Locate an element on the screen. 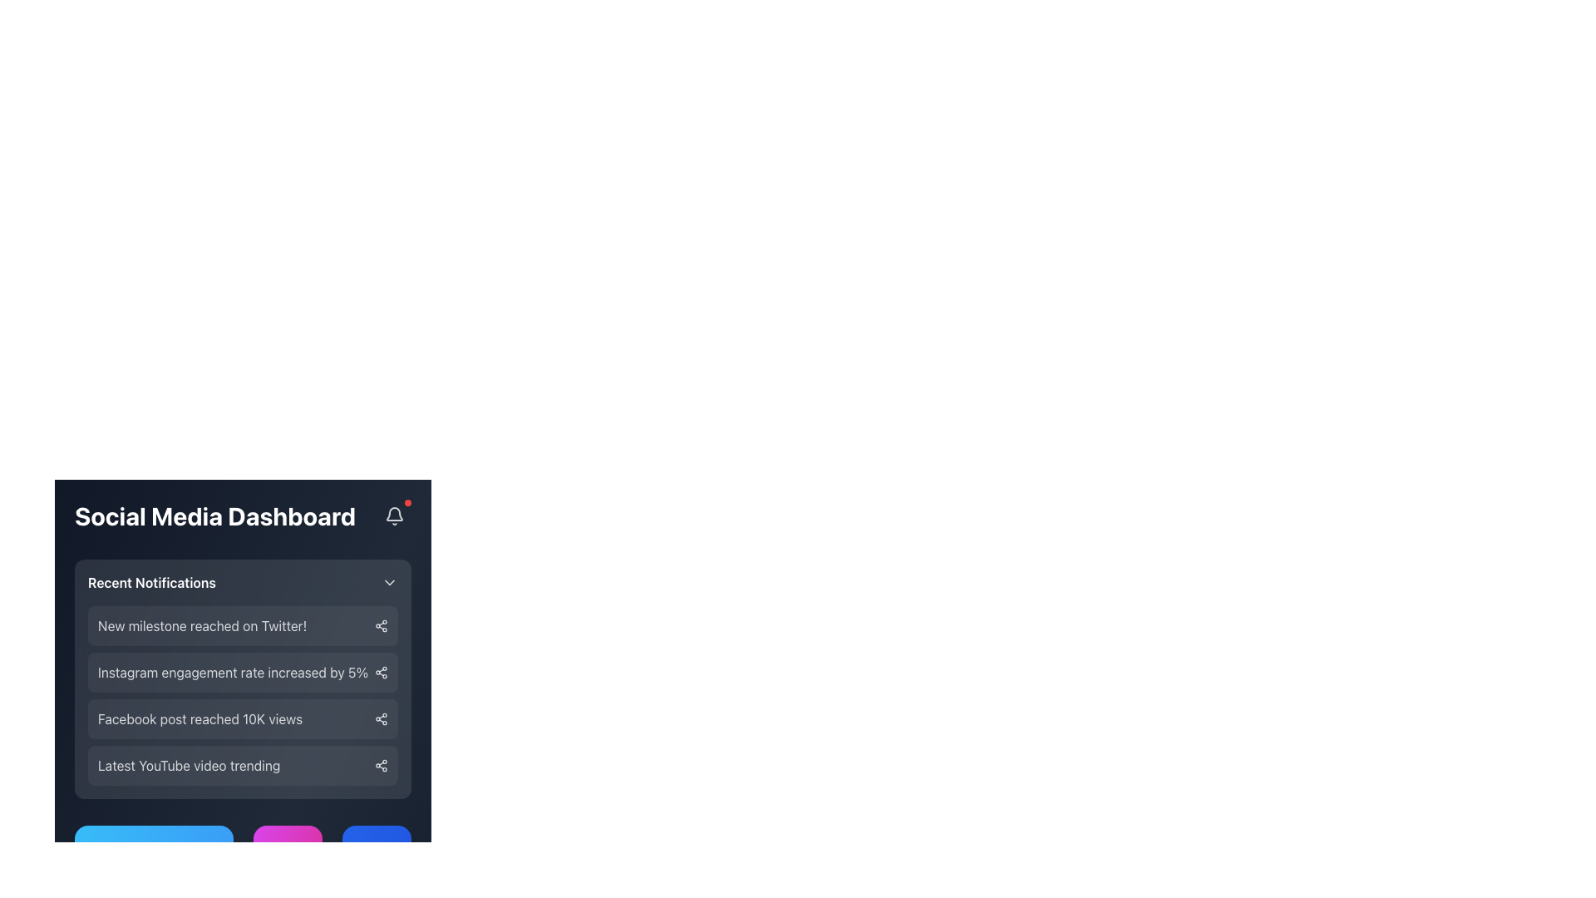  the static label that reads 'Latest YouTube video trending', which is the left-most component in the 'Recent Notifications' section is located at coordinates (189, 766).